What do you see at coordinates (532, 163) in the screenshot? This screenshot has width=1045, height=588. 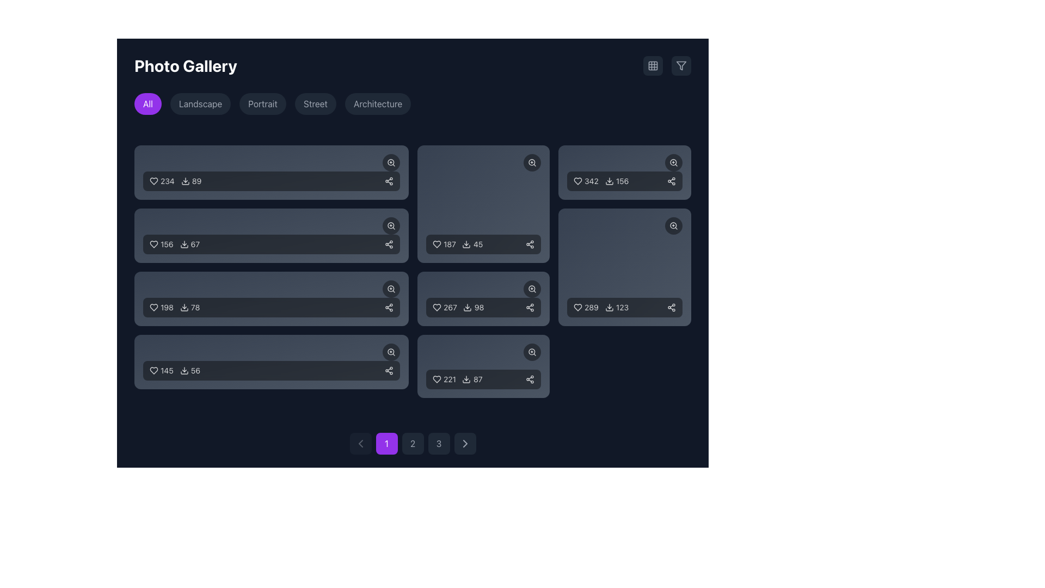 I see `the button with a magnifying glass and plus icon located in the second column and third row of the image tile grid` at bounding box center [532, 163].